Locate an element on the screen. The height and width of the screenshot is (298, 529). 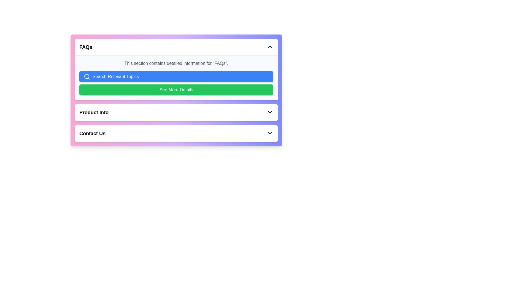
the magnifying glass icon located at the top-left corner of the blue button labeled 'Search Relevant Topics' is located at coordinates (87, 76).